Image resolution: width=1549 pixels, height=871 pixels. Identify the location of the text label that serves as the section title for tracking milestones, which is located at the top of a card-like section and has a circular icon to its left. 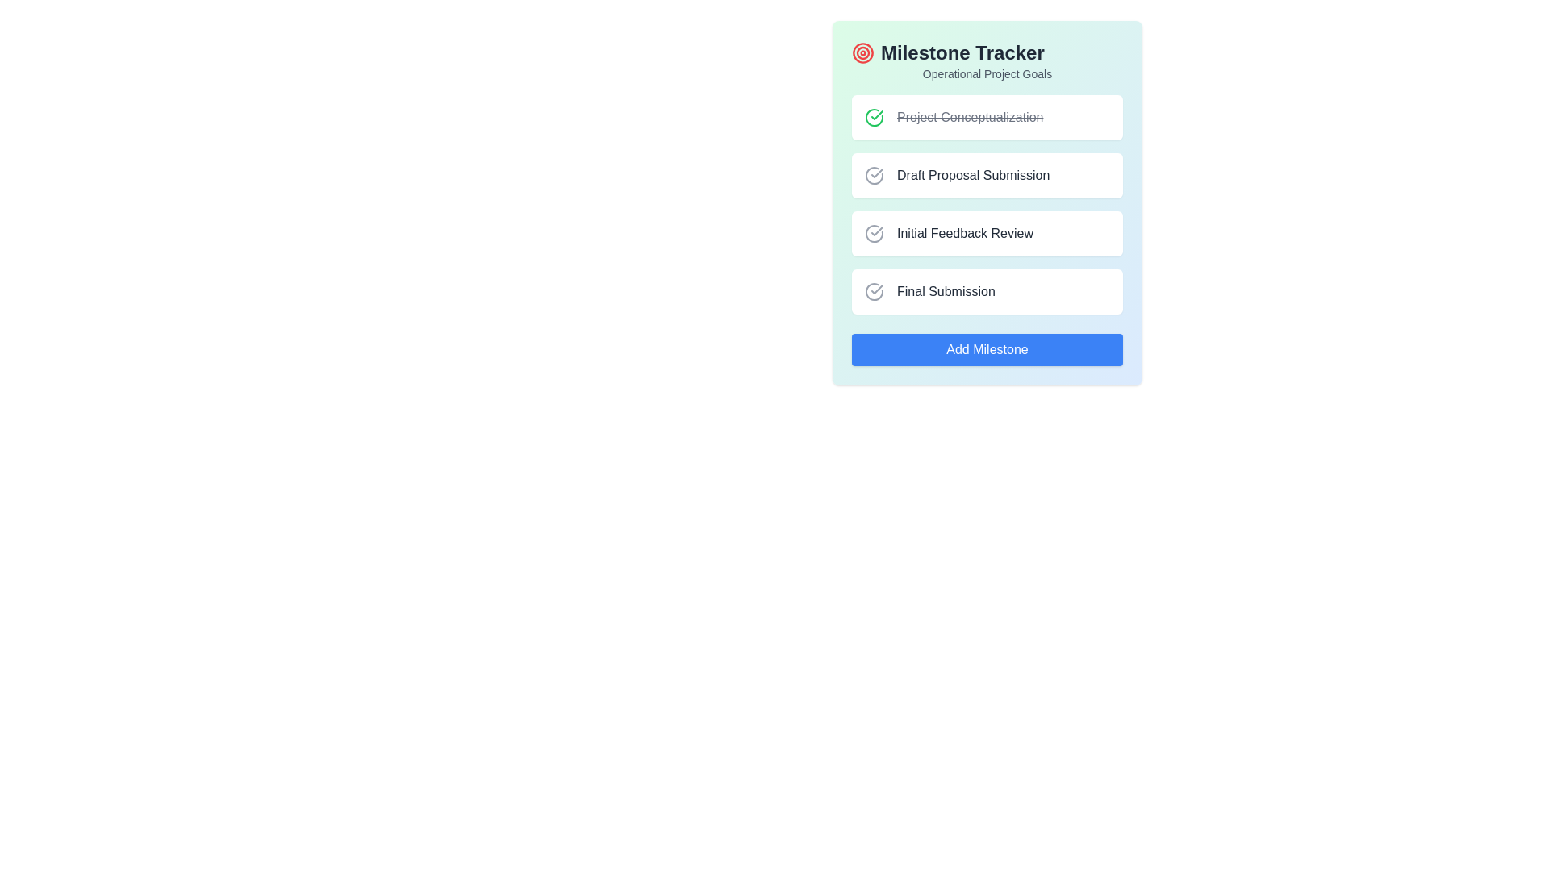
(987, 52).